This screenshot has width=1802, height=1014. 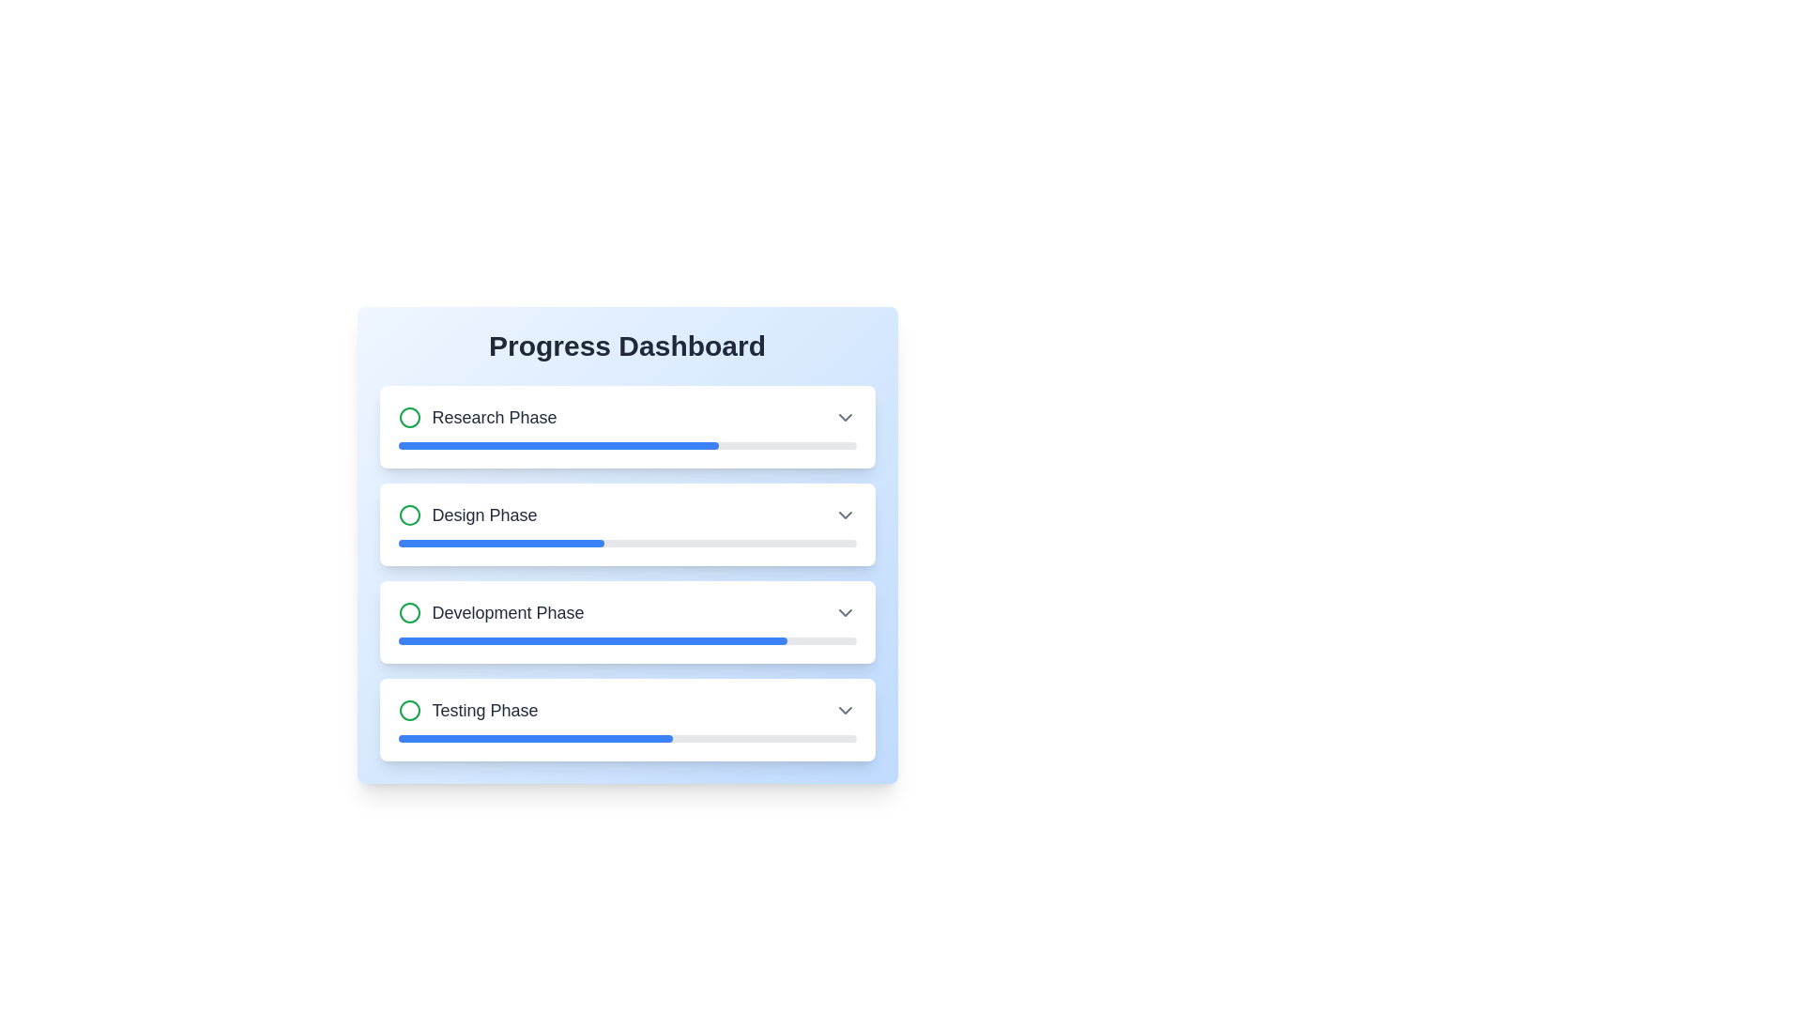 What do you see at coordinates (627, 346) in the screenshot?
I see `text of the header titled 'Progress Dashboard', which is styled prominently and centrally located at the top of the section` at bounding box center [627, 346].